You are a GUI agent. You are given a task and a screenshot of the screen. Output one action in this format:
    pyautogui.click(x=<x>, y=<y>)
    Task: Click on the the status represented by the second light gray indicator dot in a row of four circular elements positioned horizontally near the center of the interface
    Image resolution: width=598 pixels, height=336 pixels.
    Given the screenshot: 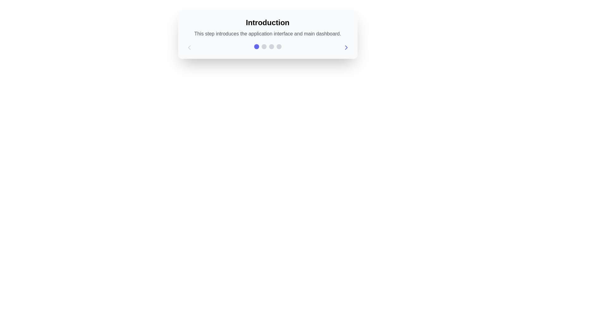 What is the action you would take?
    pyautogui.click(x=264, y=46)
    